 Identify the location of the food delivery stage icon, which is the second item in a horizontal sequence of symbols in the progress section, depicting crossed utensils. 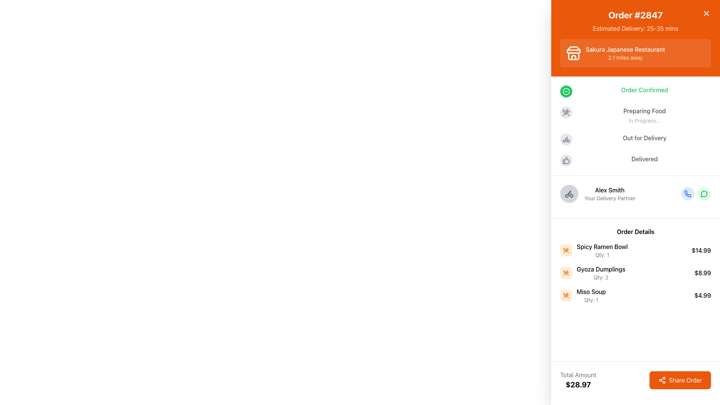
(566, 112).